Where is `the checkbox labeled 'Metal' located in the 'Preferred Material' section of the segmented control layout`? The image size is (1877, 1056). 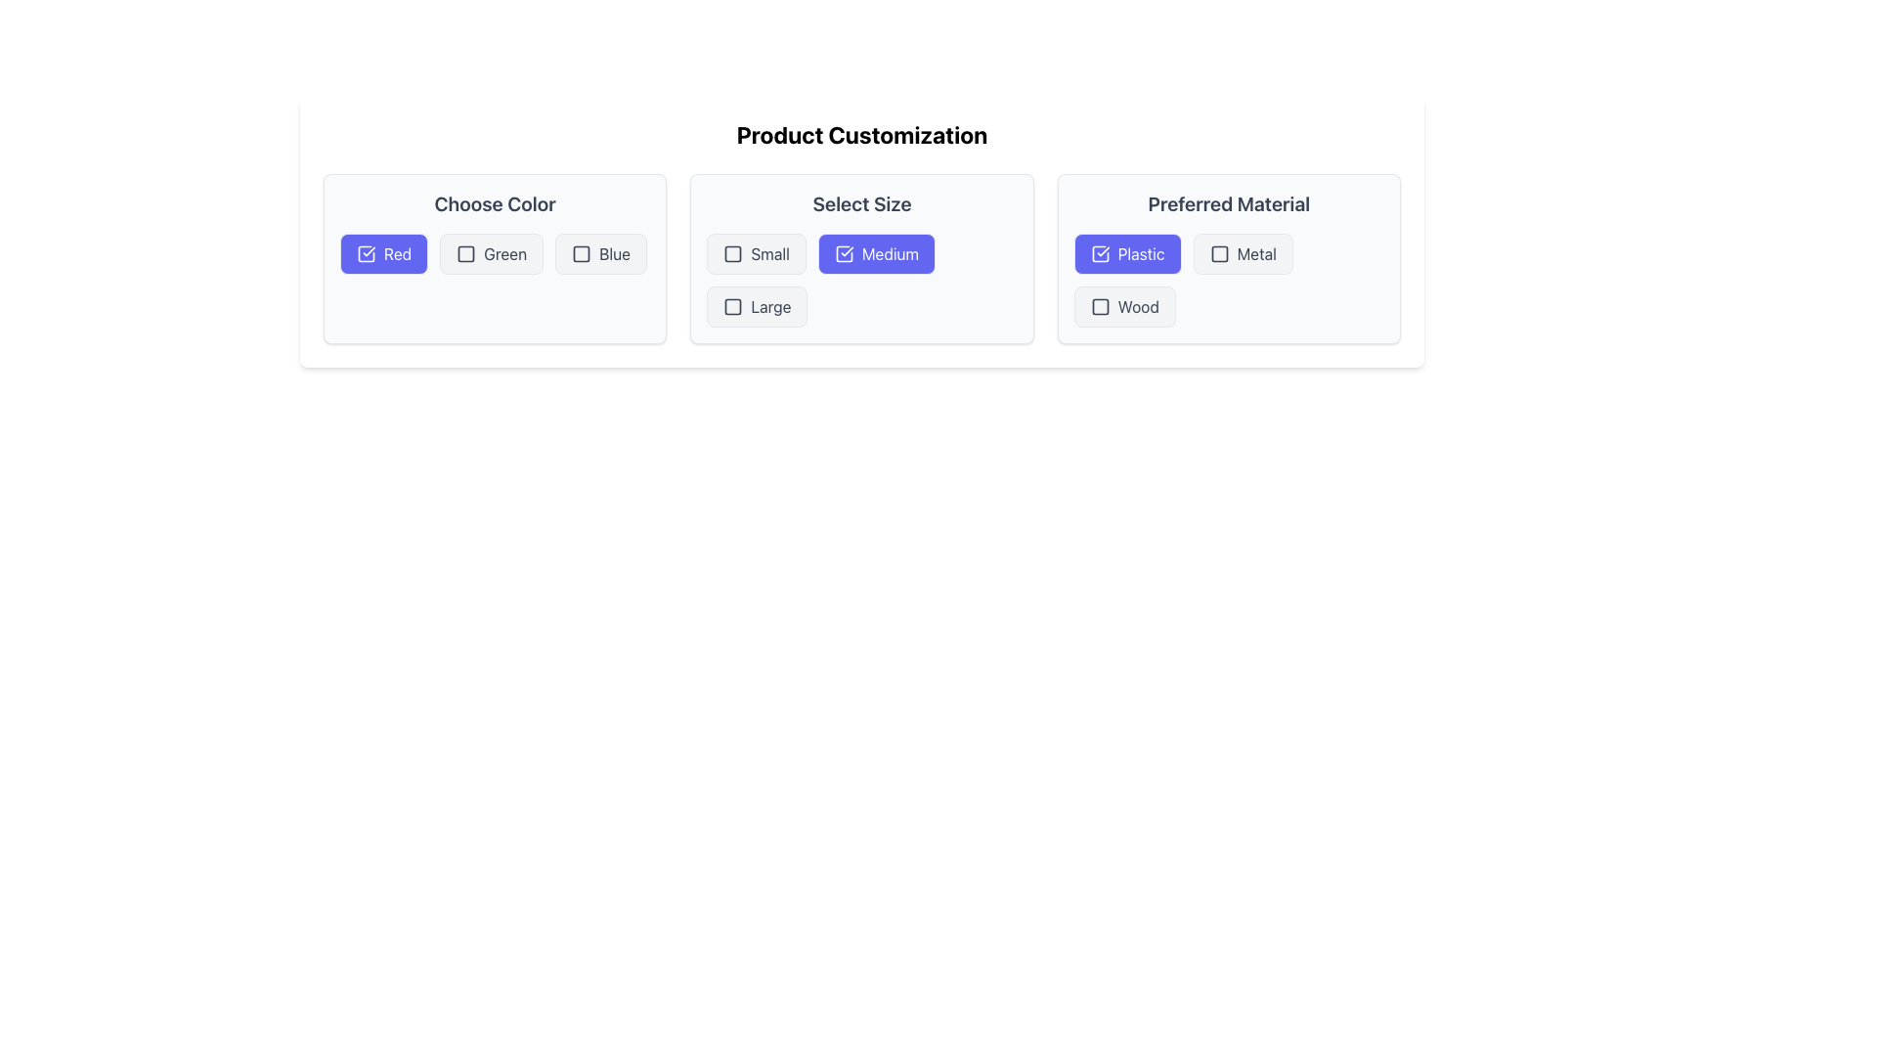
the checkbox labeled 'Metal' located in the 'Preferred Material' section of the segmented control layout is located at coordinates (1242, 252).